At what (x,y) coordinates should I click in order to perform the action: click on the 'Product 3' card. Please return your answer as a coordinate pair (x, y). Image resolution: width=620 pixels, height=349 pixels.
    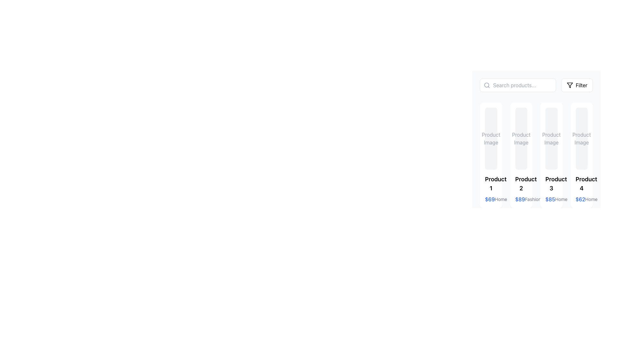
    Looking at the image, I should click on (551, 155).